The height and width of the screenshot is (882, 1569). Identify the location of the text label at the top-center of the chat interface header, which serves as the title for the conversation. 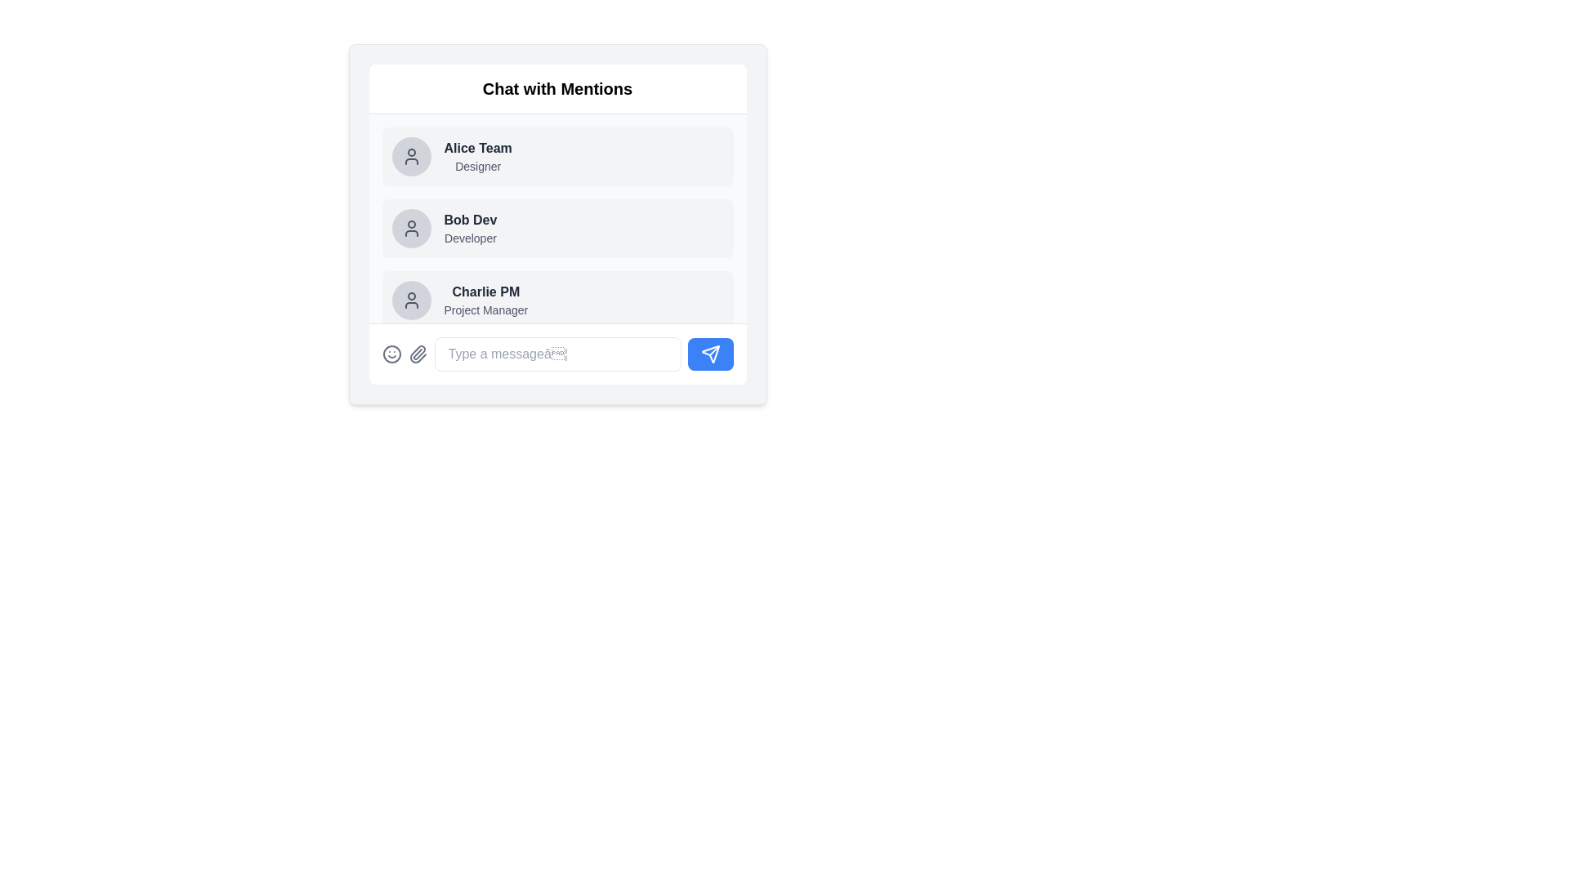
(557, 88).